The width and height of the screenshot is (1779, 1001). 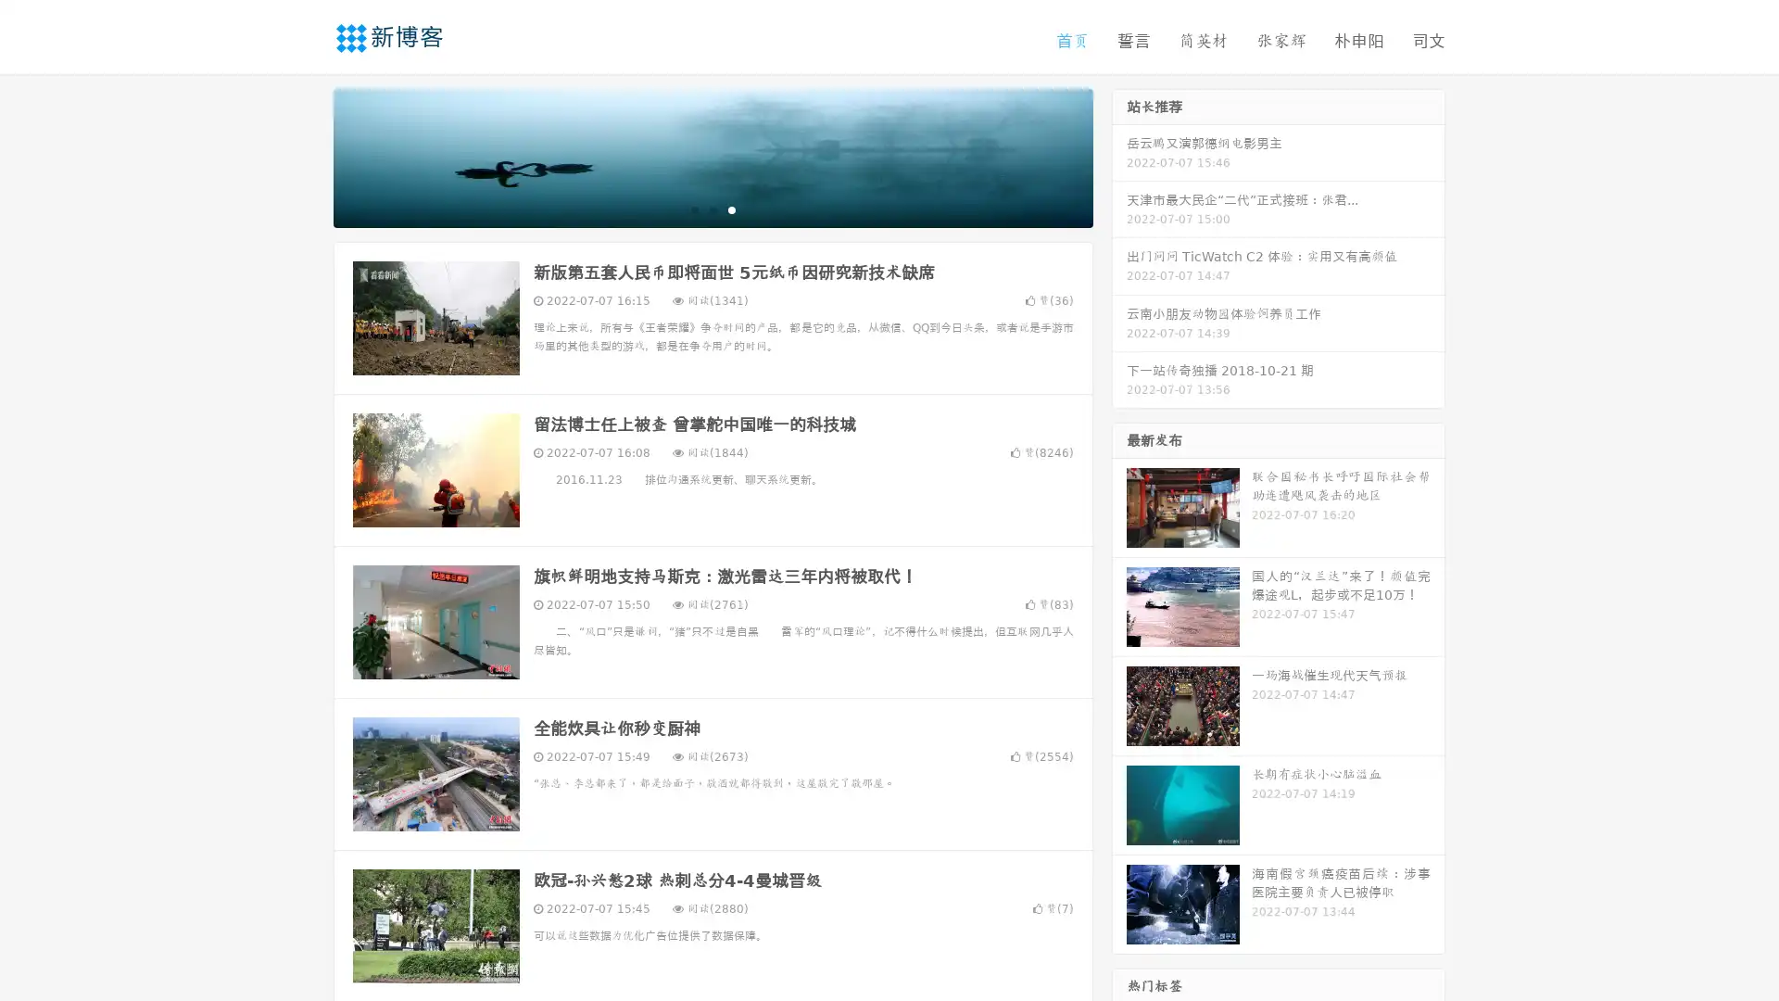 What do you see at coordinates (731, 209) in the screenshot?
I see `Go to slide 3` at bounding box center [731, 209].